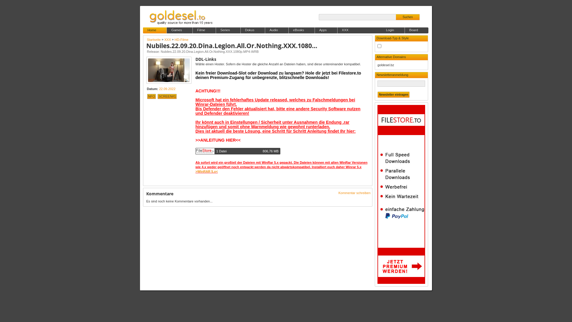 The image size is (572, 322). Describe the element at coordinates (377, 65) in the screenshot. I see `'goldesel.bz'` at that location.